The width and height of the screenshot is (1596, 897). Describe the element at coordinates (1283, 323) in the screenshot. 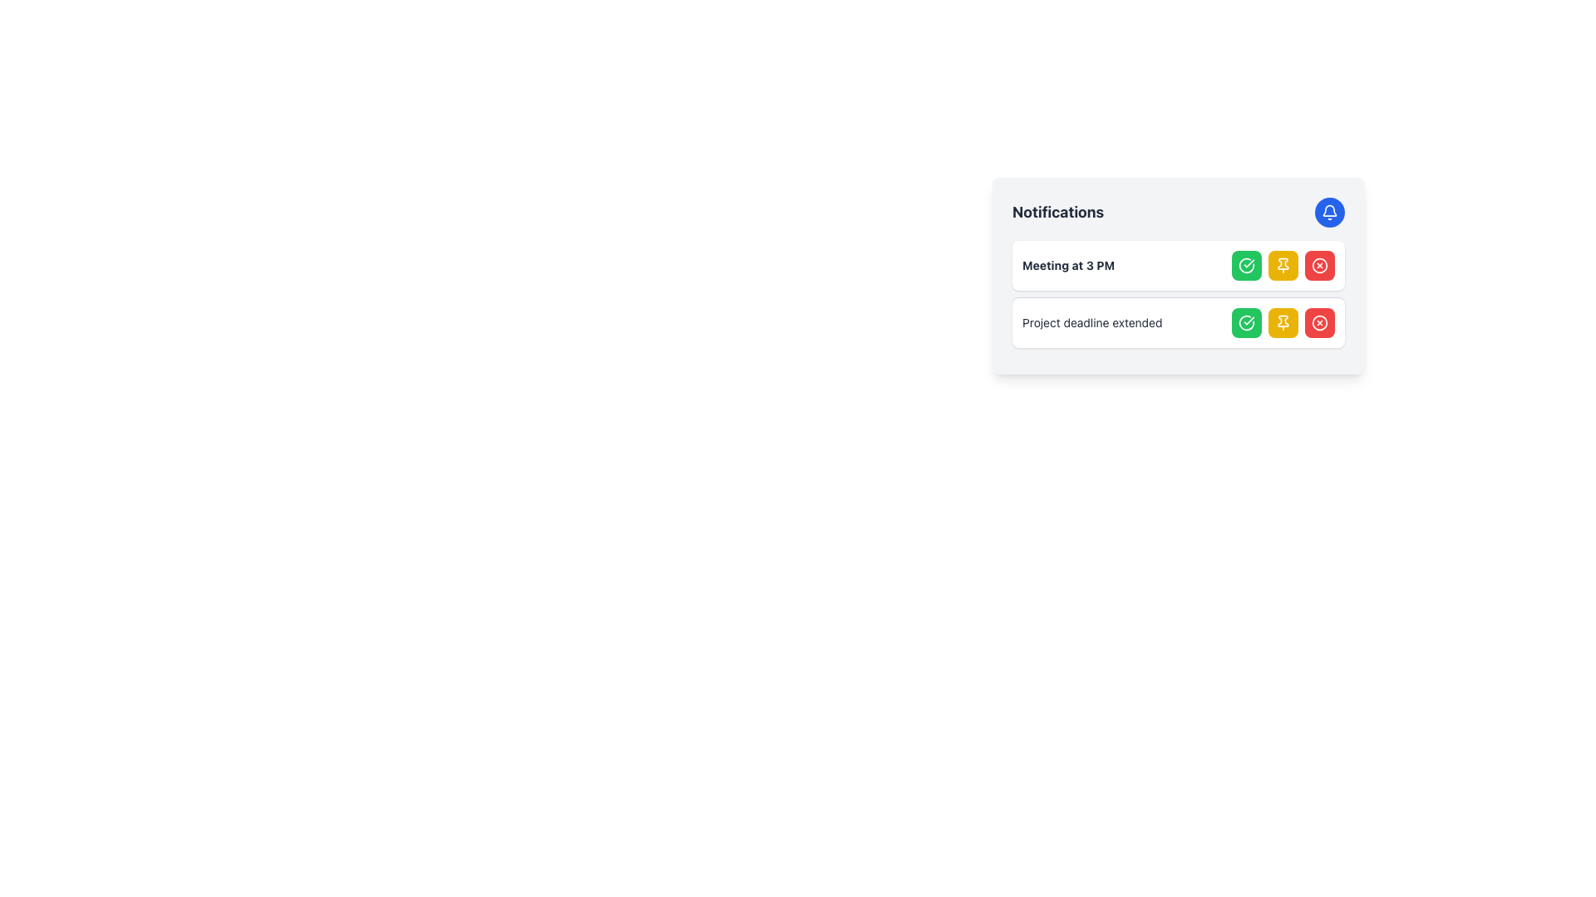

I see `the yellow button with a pin icon located after the 'Project deadline extended' notification to pin the notification` at that location.